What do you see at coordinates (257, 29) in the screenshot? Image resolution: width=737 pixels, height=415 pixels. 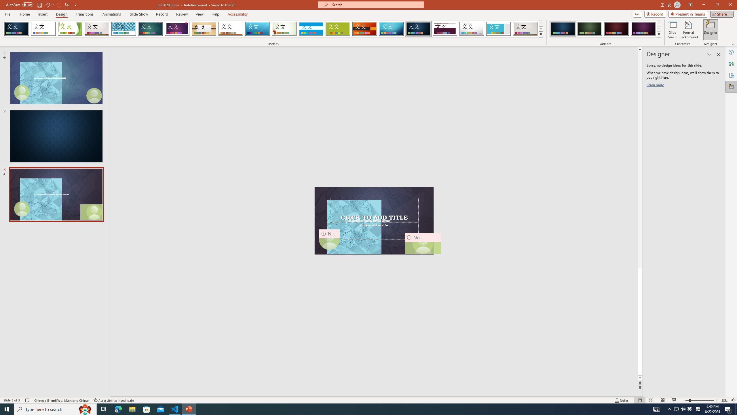 I see `'Slice'` at bounding box center [257, 29].